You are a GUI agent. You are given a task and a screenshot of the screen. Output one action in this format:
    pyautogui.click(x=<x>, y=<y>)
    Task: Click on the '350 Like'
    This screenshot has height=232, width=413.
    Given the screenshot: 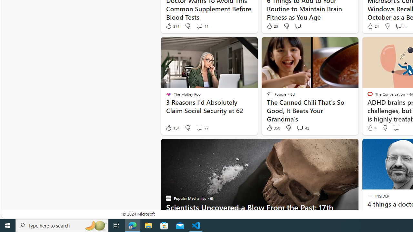 What is the action you would take?
    pyautogui.click(x=273, y=128)
    